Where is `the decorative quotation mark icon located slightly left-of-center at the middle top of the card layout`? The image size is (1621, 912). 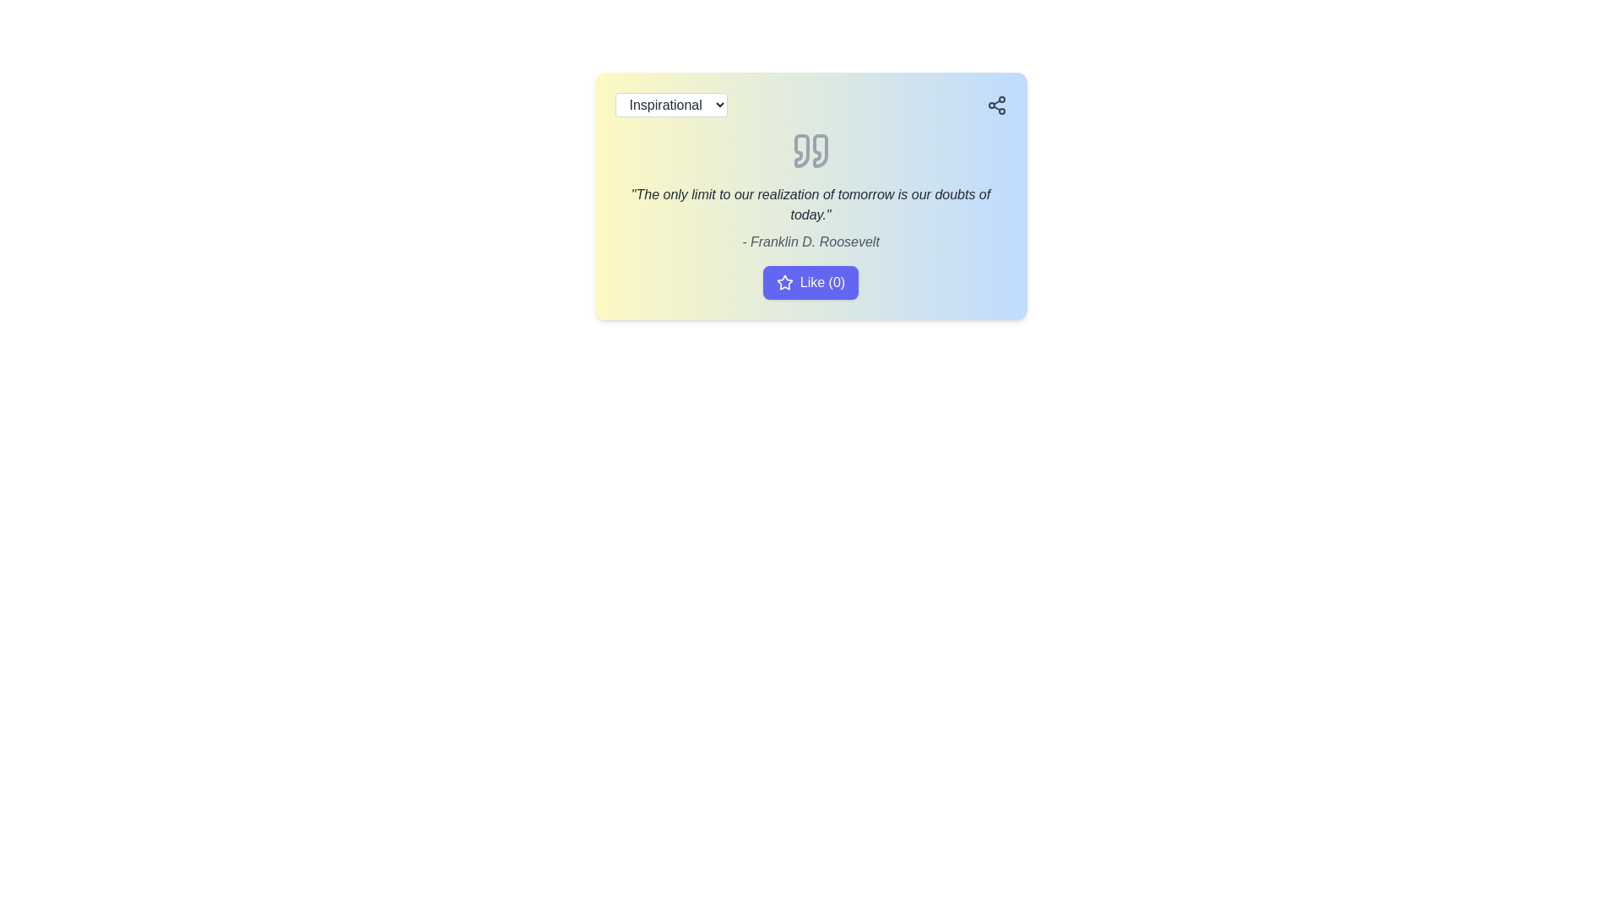 the decorative quotation mark icon located slightly left-of-center at the middle top of the card layout is located at coordinates (800, 149).